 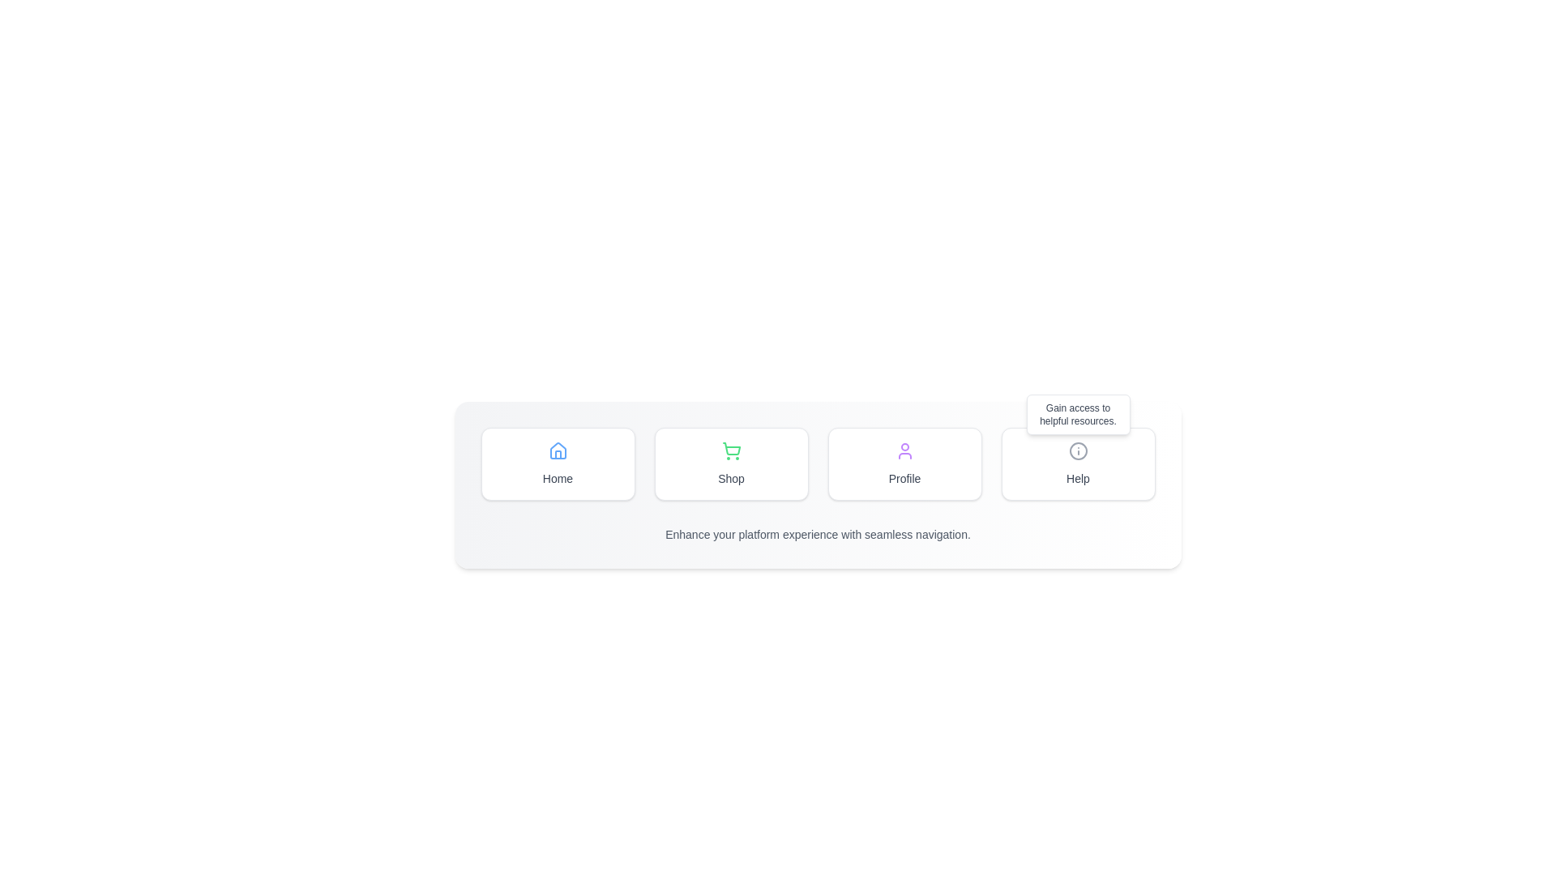 What do you see at coordinates (1078, 450) in the screenshot?
I see `the 'Help' button located on the rightmost side of the navigation bar, adjacent to the 'Profile' button` at bounding box center [1078, 450].